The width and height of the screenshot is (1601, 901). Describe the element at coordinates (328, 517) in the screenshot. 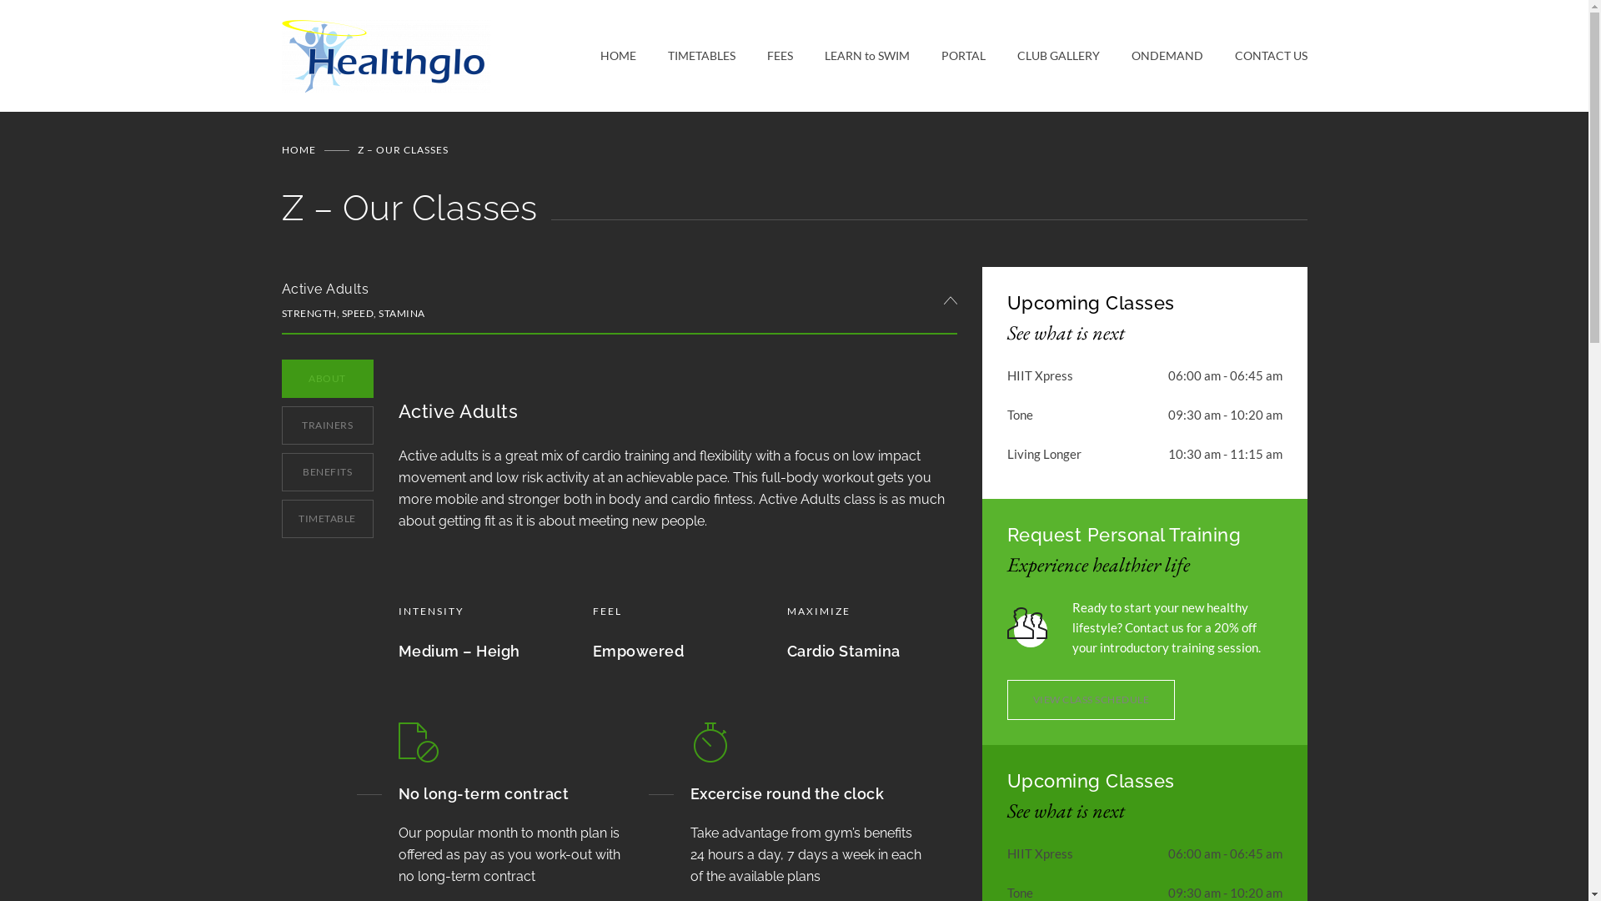

I see `'TIMETABLE'` at that location.